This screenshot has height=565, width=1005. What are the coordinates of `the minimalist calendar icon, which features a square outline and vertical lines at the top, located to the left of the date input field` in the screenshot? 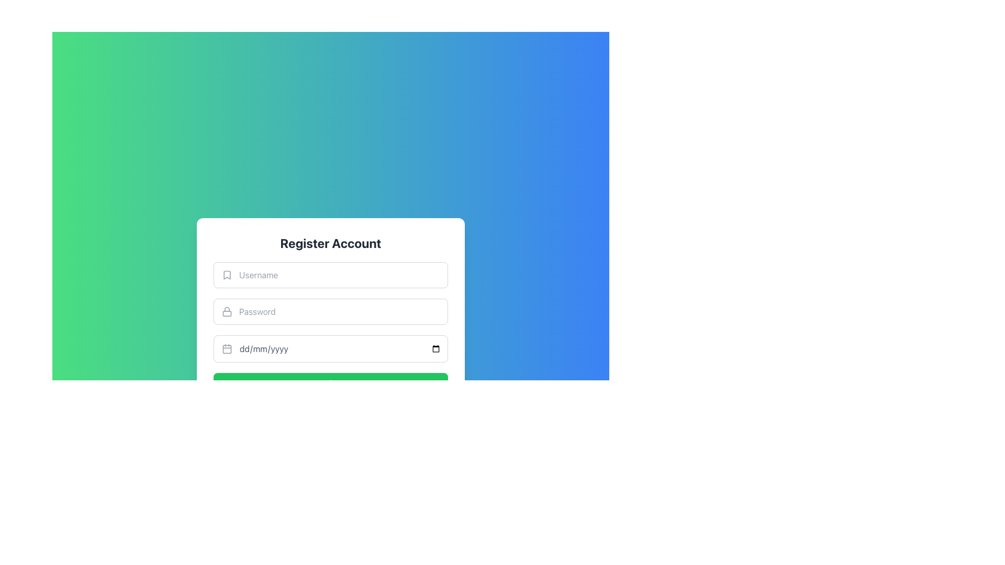 It's located at (226, 349).